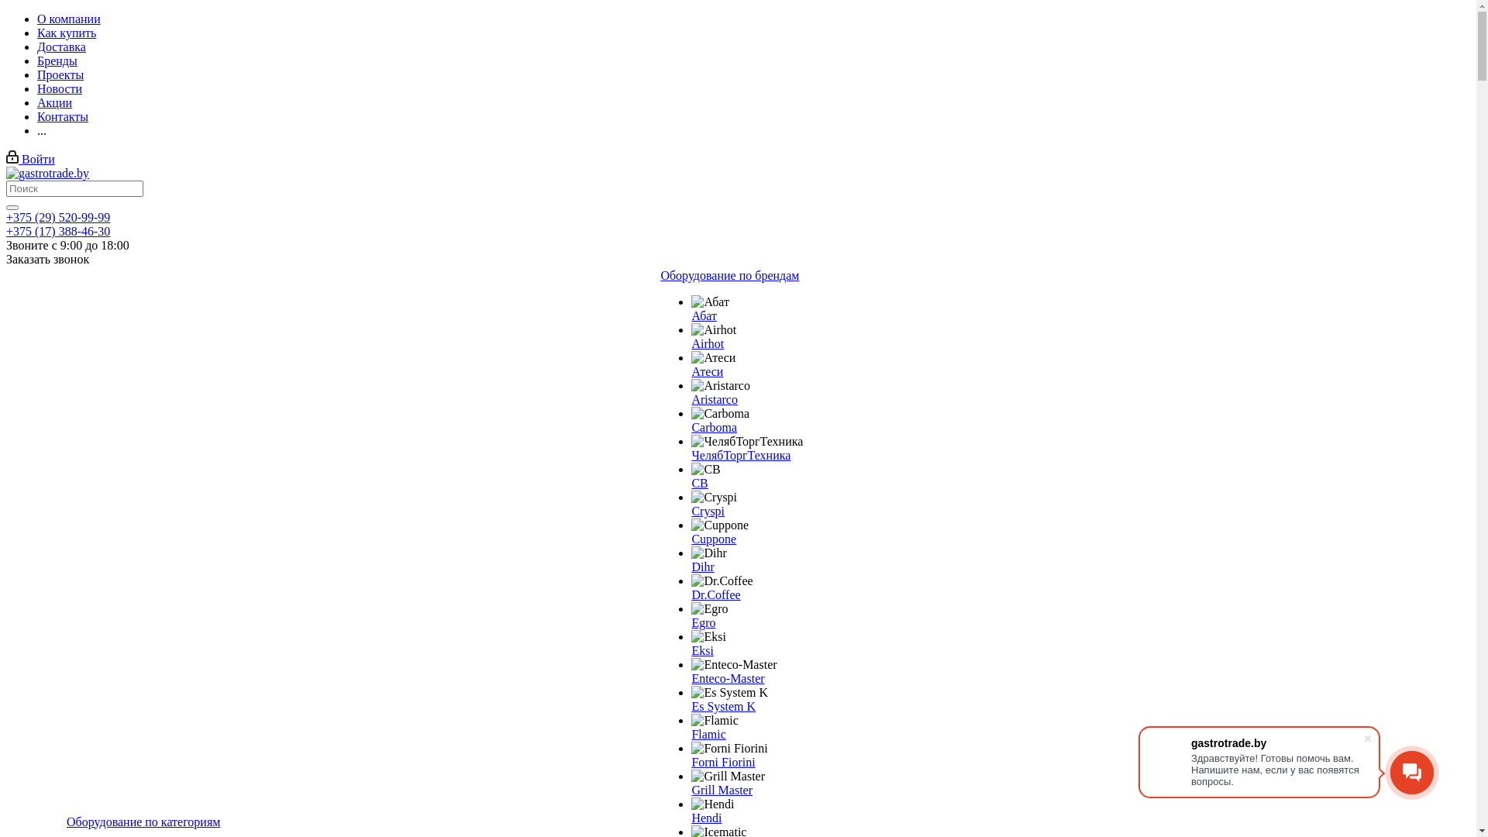  What do you see at coordinates (707, 636) in the screenshot?
I see `'Eksi'` at bounding box center [707, 636].